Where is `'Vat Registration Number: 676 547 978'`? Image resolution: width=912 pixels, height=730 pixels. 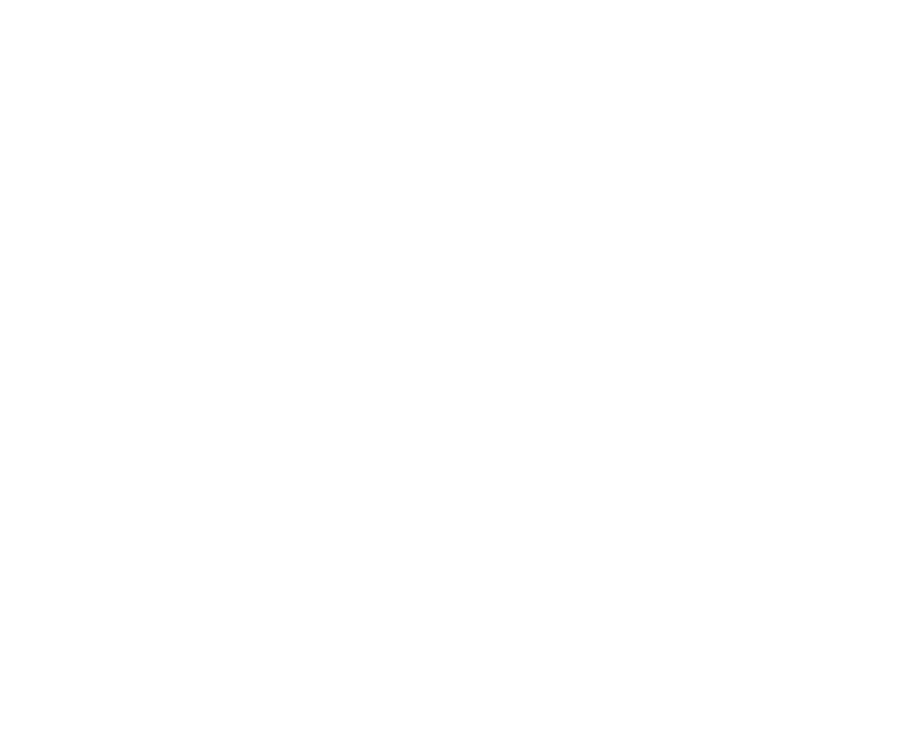 'Vat Registration Number: 676 547 978' is located at coordinates (80, 272).